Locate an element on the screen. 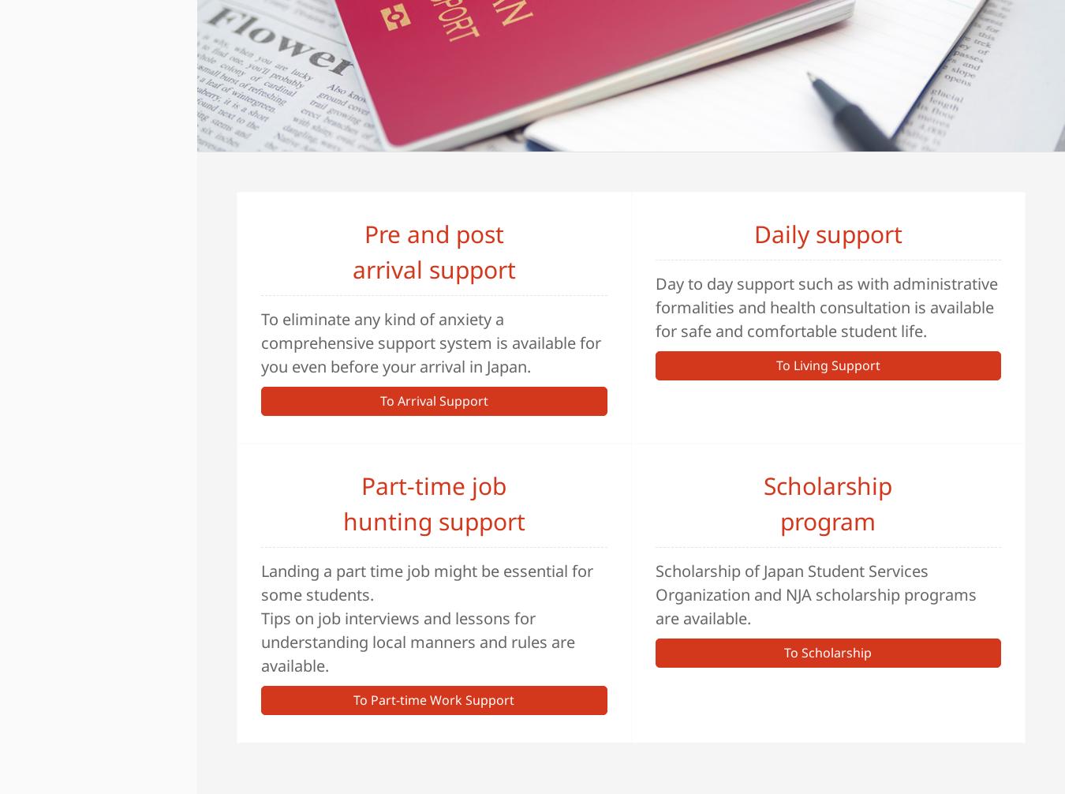 Image resolution: width=1065 pixels, height=794 pixels. 'To eliminate any kind of anxiety a comprehensive support system is available for you even before your arrival in Japan.' is located at coordinates (260, 341).